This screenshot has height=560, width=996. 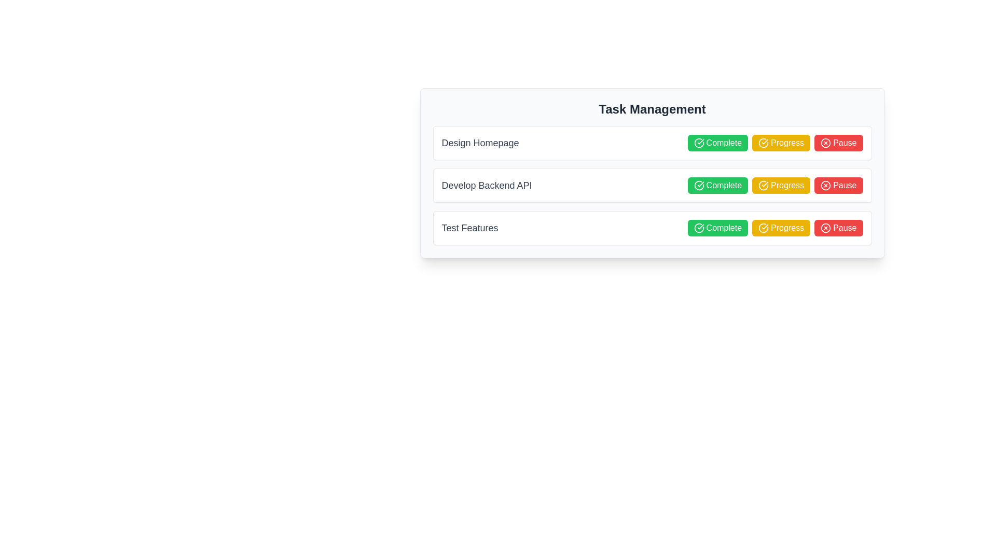 I want to click on the circular 'Pause' icon located in the top-right corner of the task management interface, which visually indicates the 'Pause' state of the first task, so click(x=825, y=143).